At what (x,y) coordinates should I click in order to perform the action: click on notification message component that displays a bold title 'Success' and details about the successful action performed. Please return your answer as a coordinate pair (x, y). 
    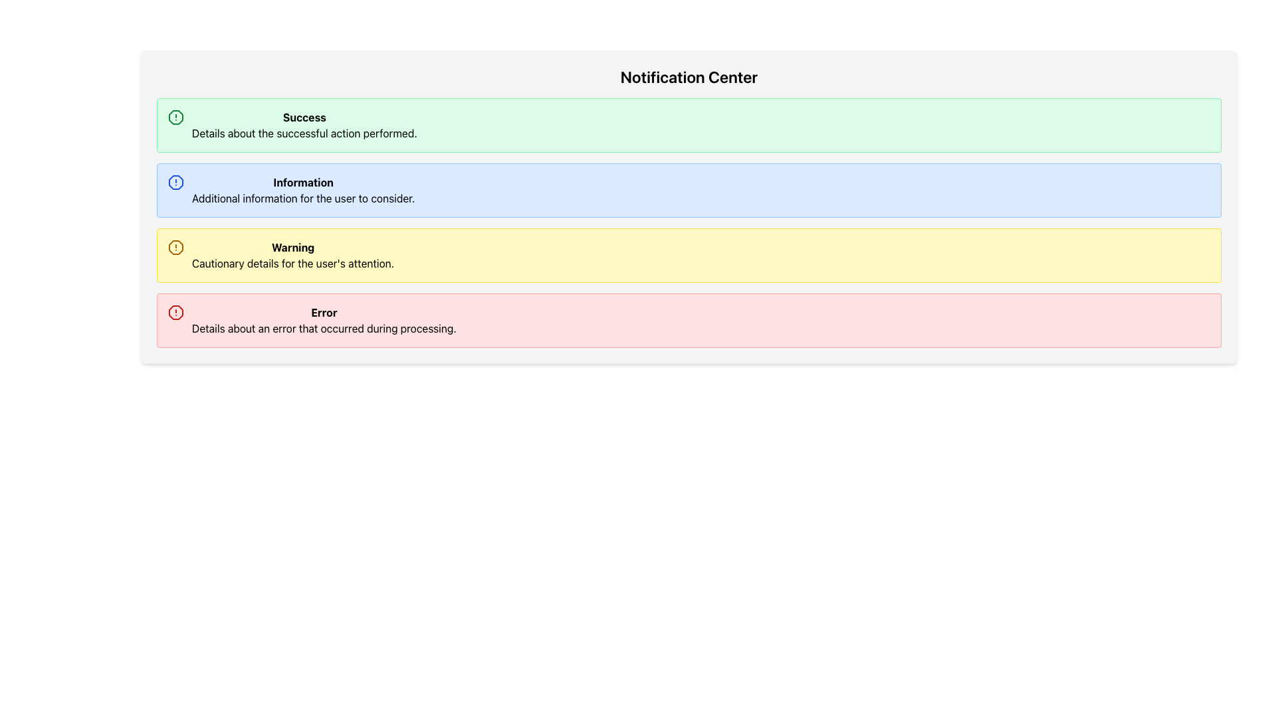
    Looking at the image, I should click on (304, 125).